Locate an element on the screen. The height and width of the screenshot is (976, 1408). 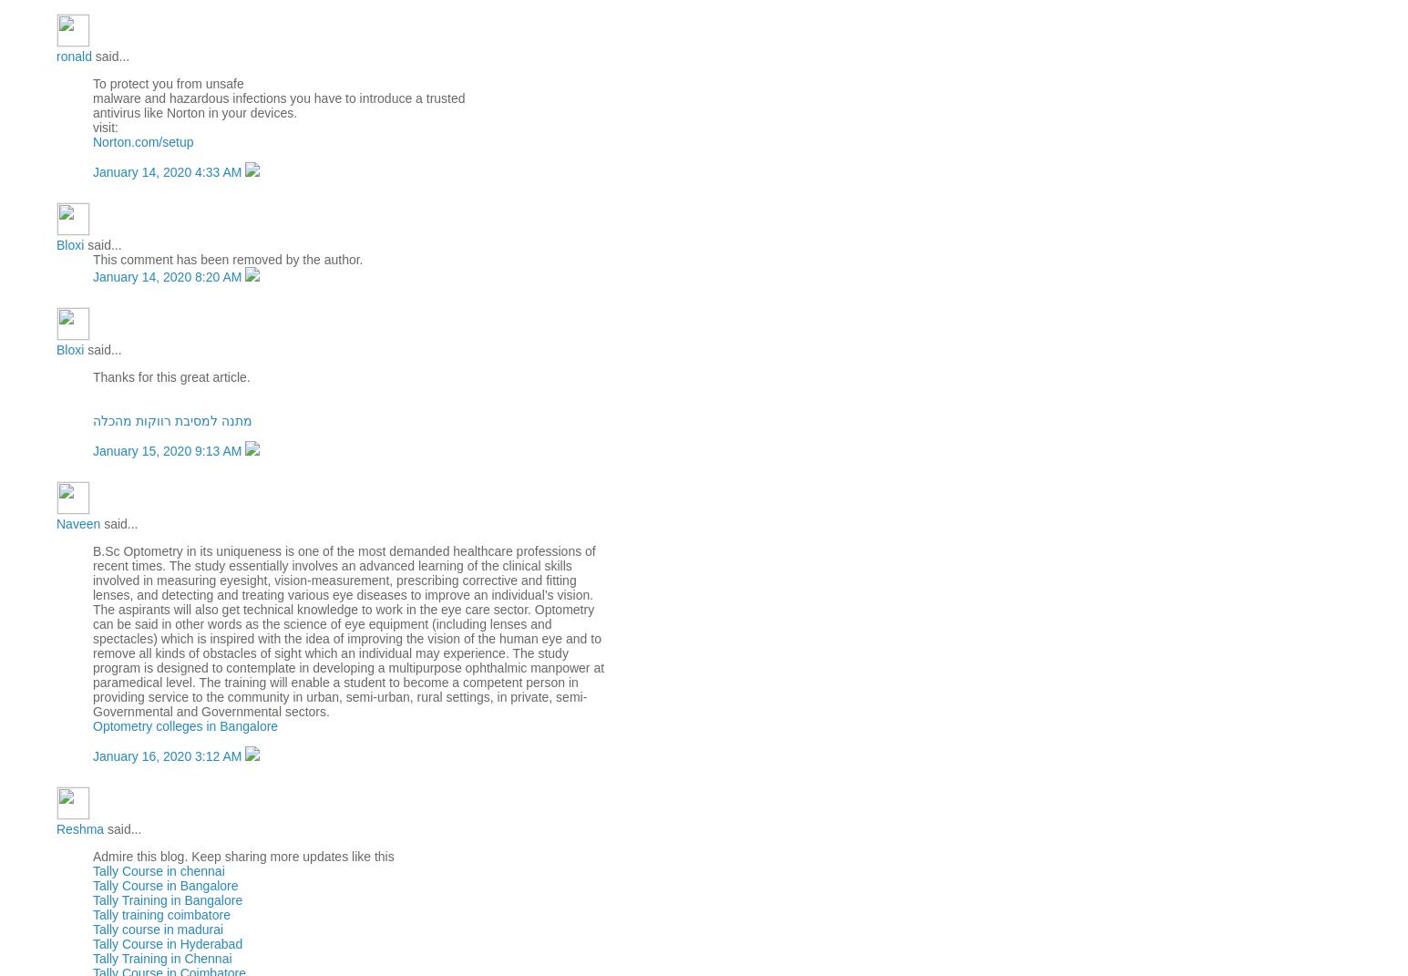
'Tally Course in Bangalore' is located at coordinates (165, 883).